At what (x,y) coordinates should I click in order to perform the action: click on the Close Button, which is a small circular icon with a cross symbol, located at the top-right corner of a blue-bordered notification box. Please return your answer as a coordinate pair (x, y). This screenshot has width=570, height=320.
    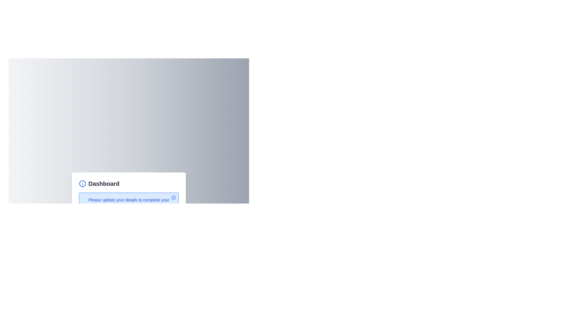
    Looking at the image, I should click on (173, 198).